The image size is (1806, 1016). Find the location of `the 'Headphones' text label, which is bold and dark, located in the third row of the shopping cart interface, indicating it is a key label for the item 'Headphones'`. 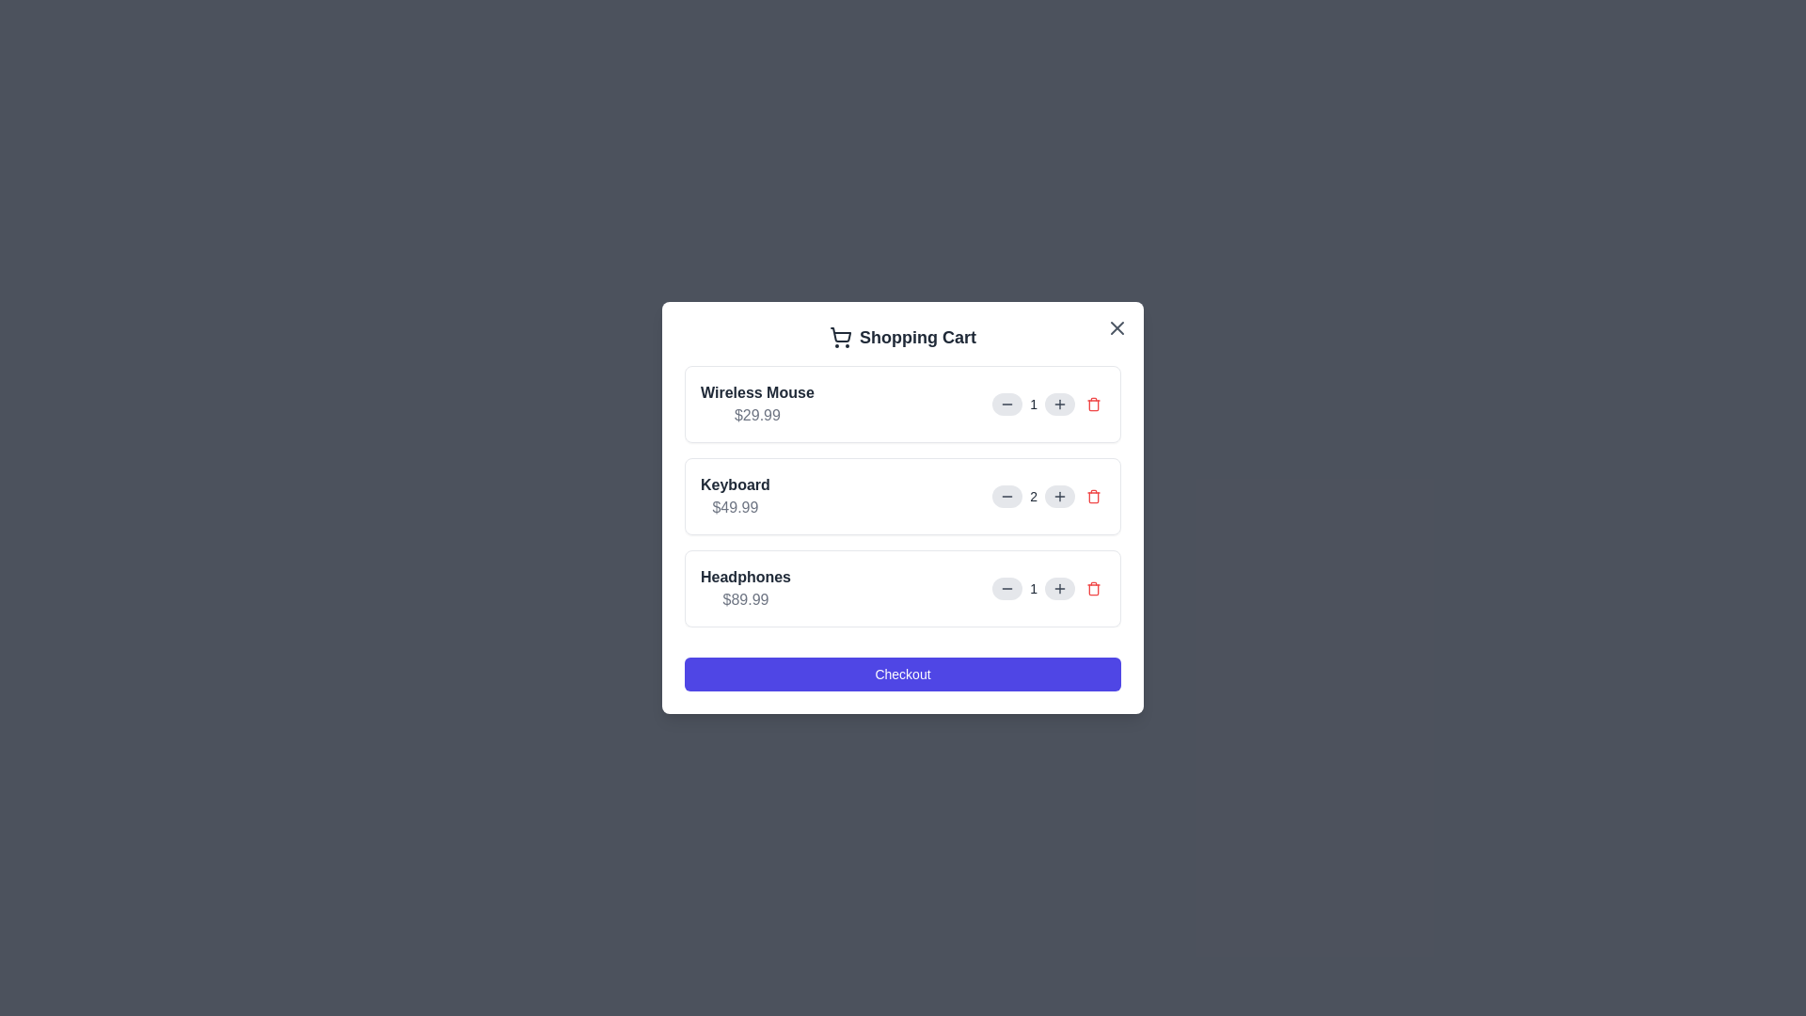

the 'Headphones' text label, which is bold and dark, located in the third row of the shopping cart interface, indicating it is a key label for the item 'Headphones' is located at coordinates (744, 576).